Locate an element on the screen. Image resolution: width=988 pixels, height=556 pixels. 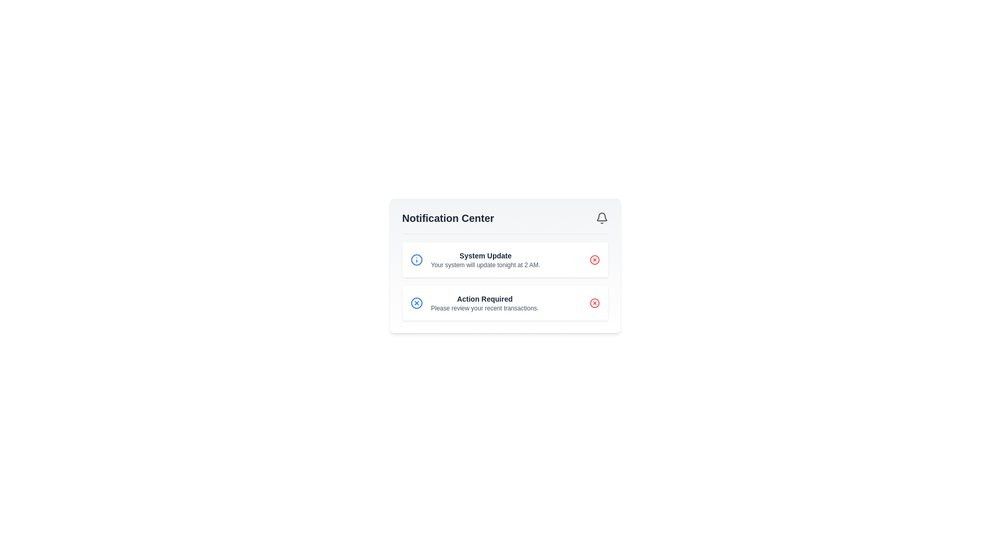
on the notification indicator icon located at the top-right corner of the interface, adjacent is located at coordinates (602, 216).